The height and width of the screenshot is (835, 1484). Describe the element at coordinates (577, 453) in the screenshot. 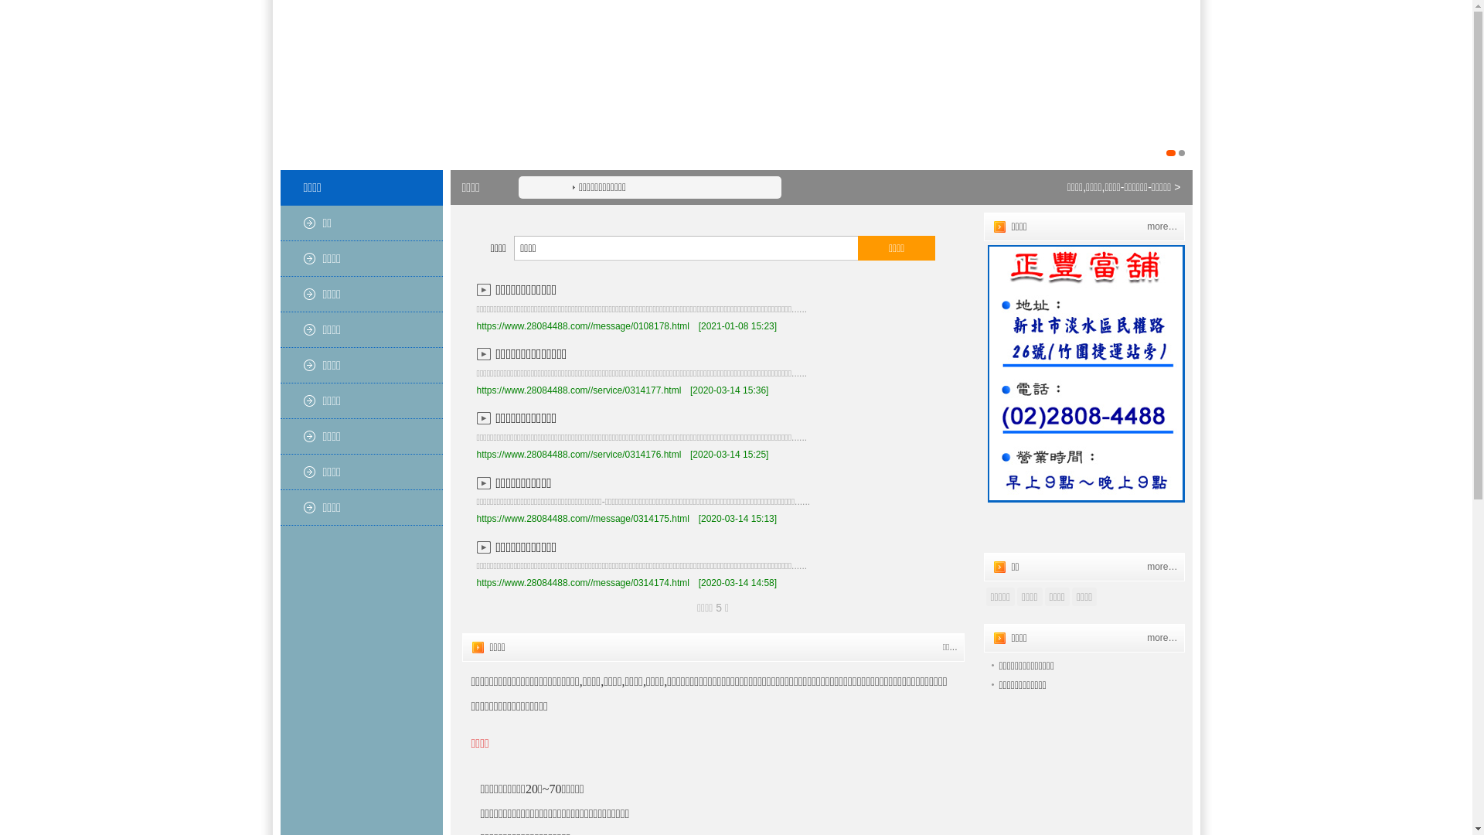

I see `'https://www.28084488.com//service/0314176.html'` at that location.